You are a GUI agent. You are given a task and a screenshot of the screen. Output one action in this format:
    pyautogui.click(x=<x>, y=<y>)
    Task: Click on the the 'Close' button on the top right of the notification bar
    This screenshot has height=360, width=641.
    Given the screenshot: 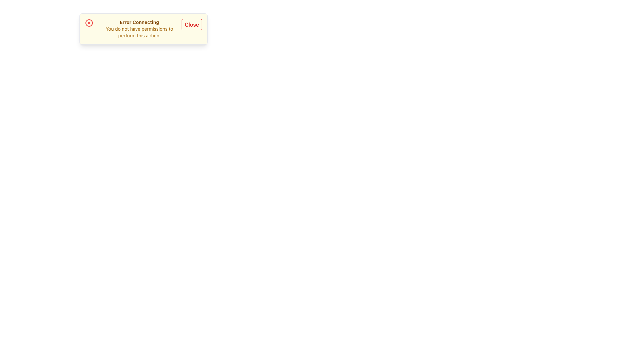 What is the action you would take?
    pyautogui.click(x=191, y=29)
    